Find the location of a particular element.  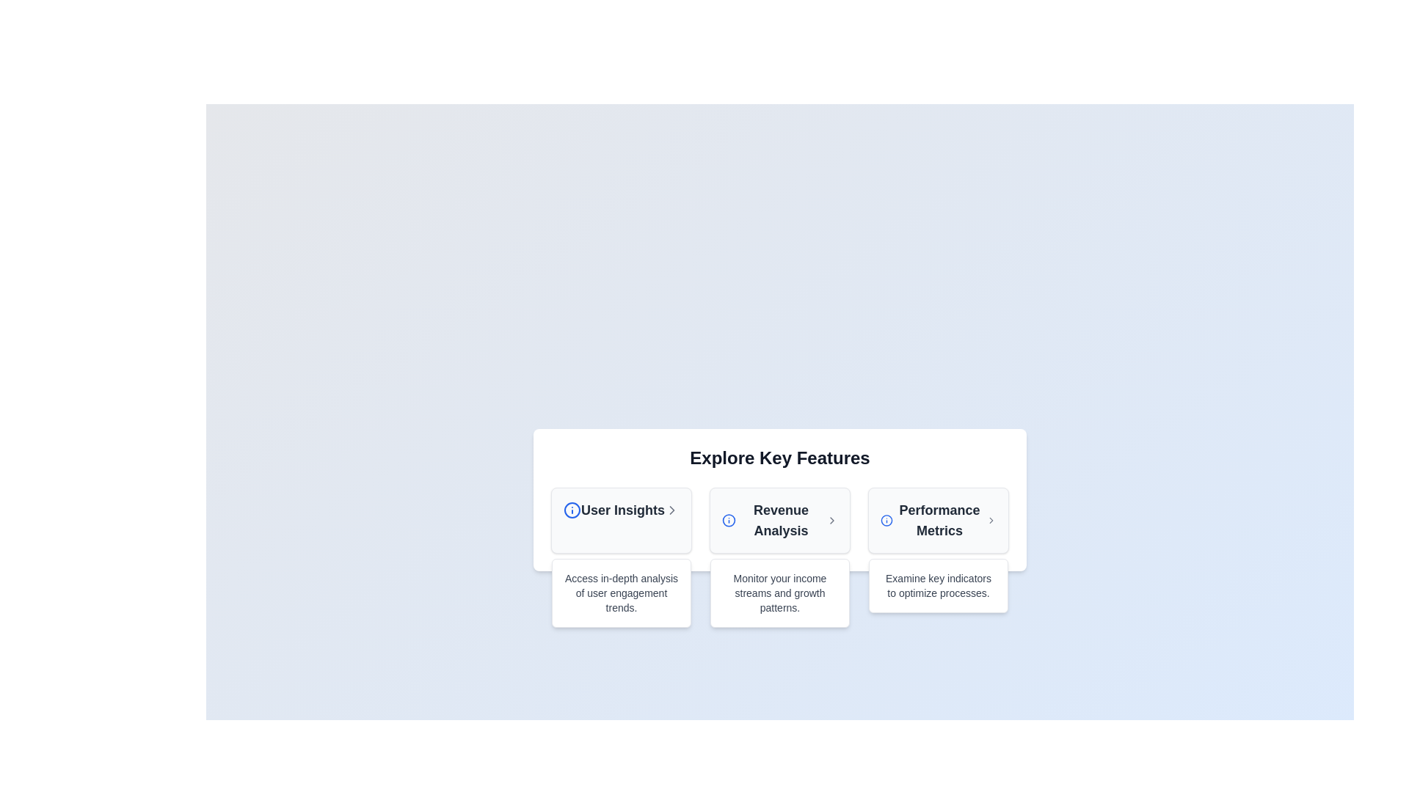

the text label reading 'Performance Metrics', which is the third element in a row of three labels, displayed in bold dark gray font and centrally aligned within its UI card is located at coordinates (939, 519).